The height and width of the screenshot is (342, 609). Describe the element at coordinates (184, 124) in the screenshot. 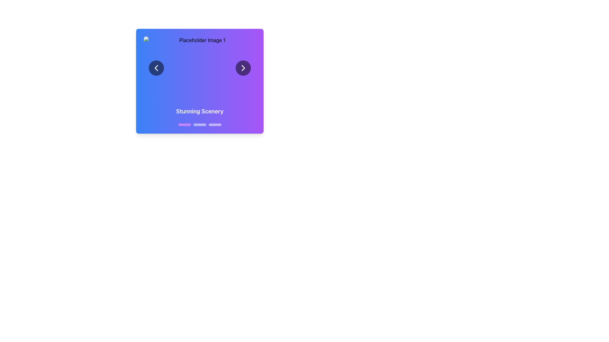

I see `the first progress bar indicator located below the text 'Stunning Scenery' for interactions` at that location.